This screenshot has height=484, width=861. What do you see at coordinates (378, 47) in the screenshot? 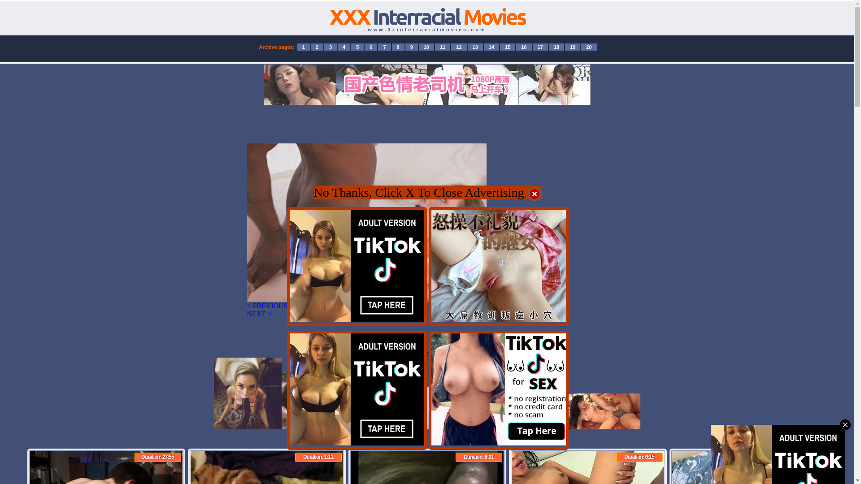
I see `'7'` at bounding box center [378, 47].